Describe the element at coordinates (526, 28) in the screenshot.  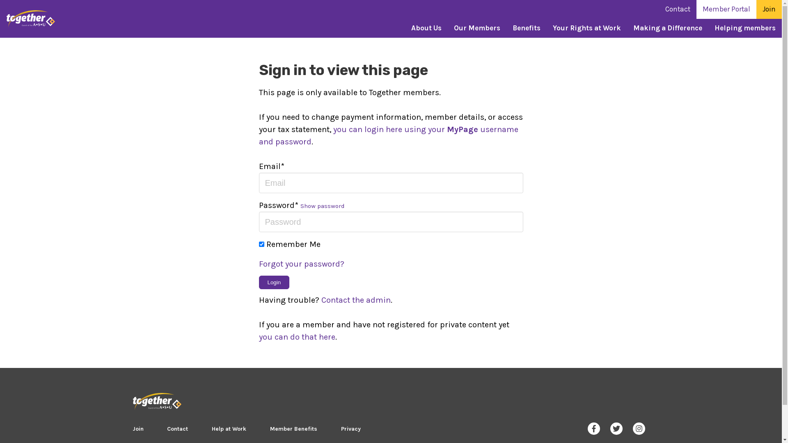
I see `'Benefits'` at that location.